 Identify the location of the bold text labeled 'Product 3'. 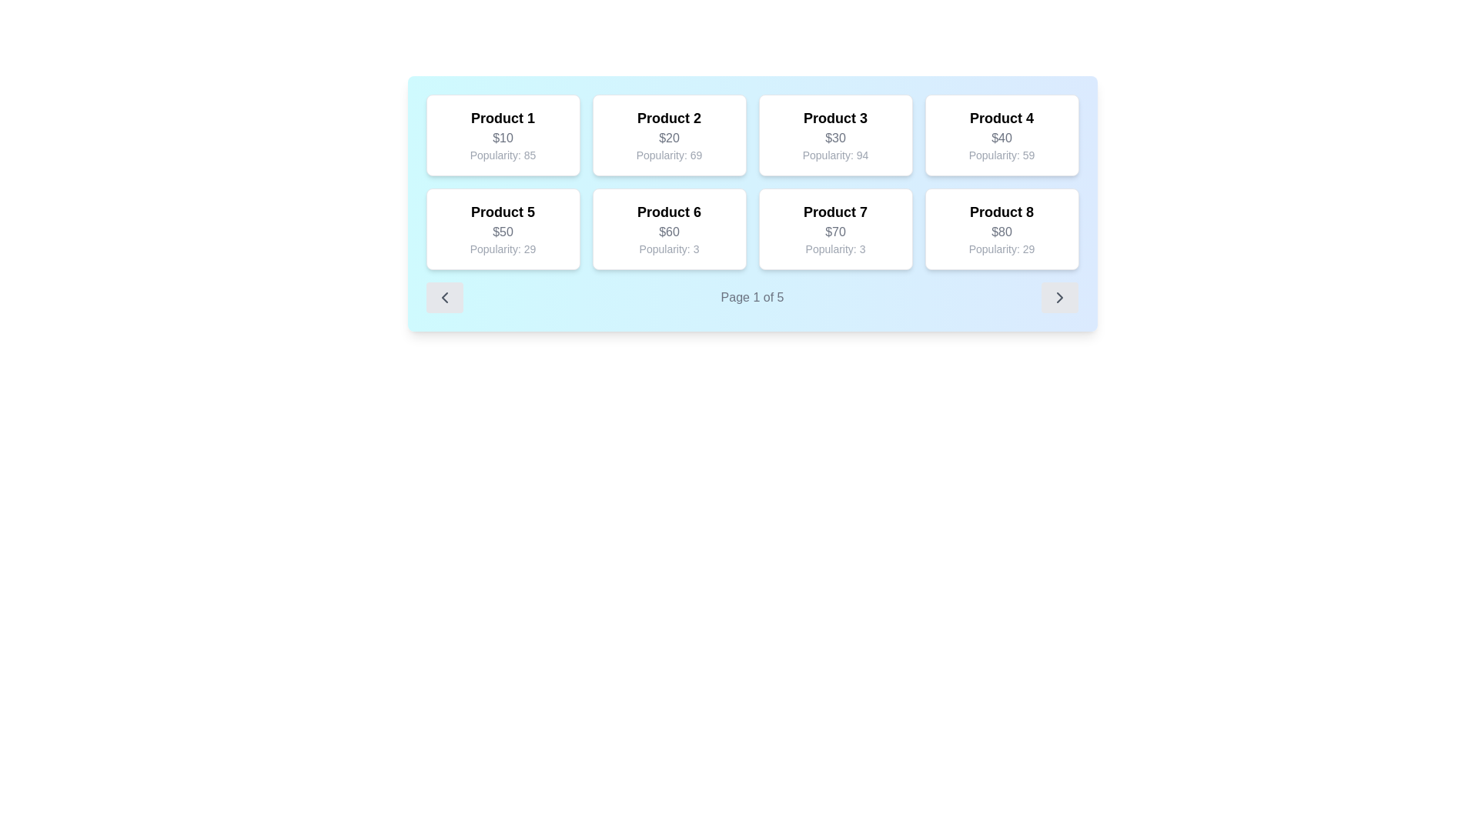
(834, 118).